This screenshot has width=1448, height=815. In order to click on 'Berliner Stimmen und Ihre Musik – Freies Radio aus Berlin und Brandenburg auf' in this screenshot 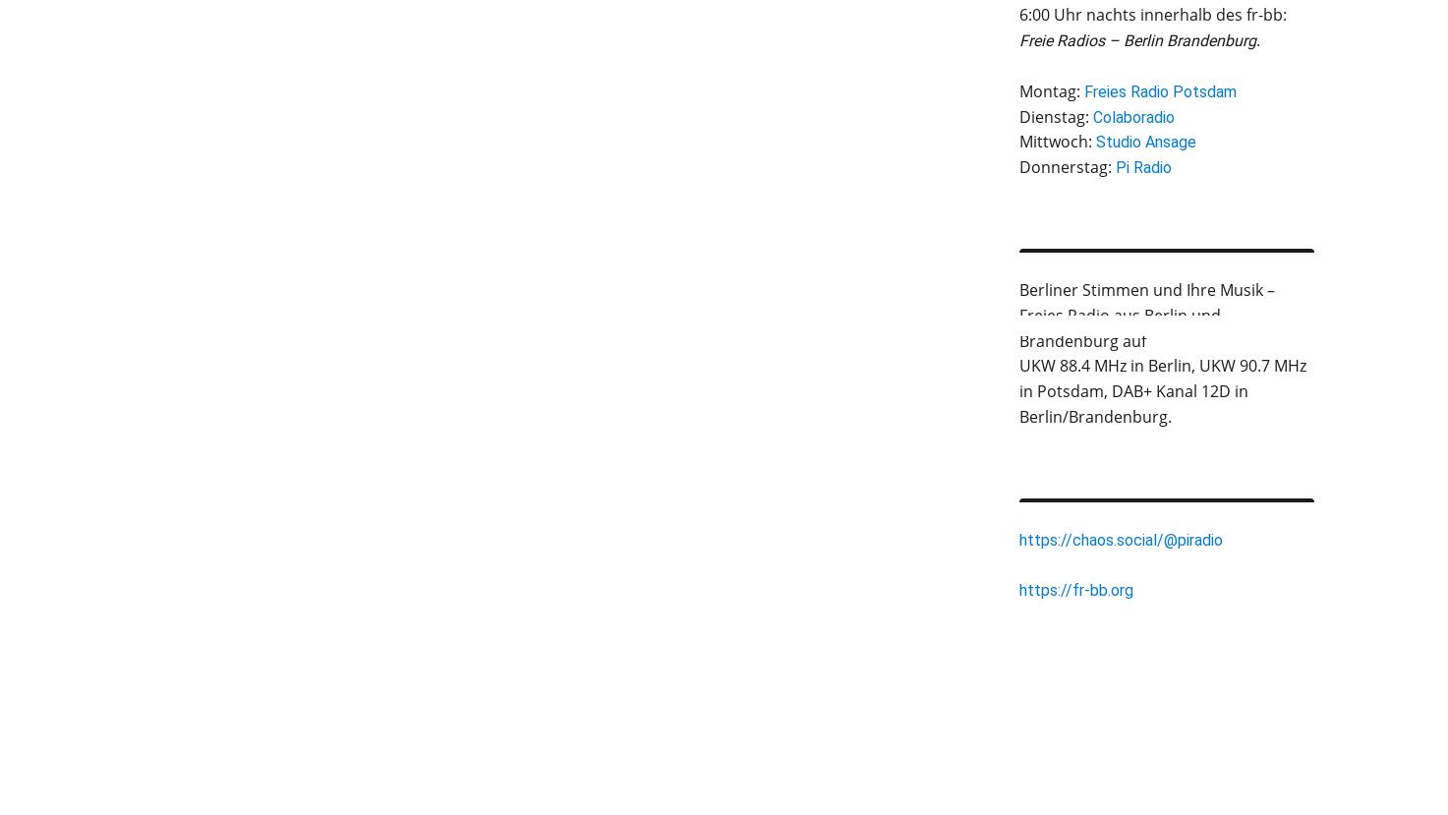, I will do `click(1145, 314)`.